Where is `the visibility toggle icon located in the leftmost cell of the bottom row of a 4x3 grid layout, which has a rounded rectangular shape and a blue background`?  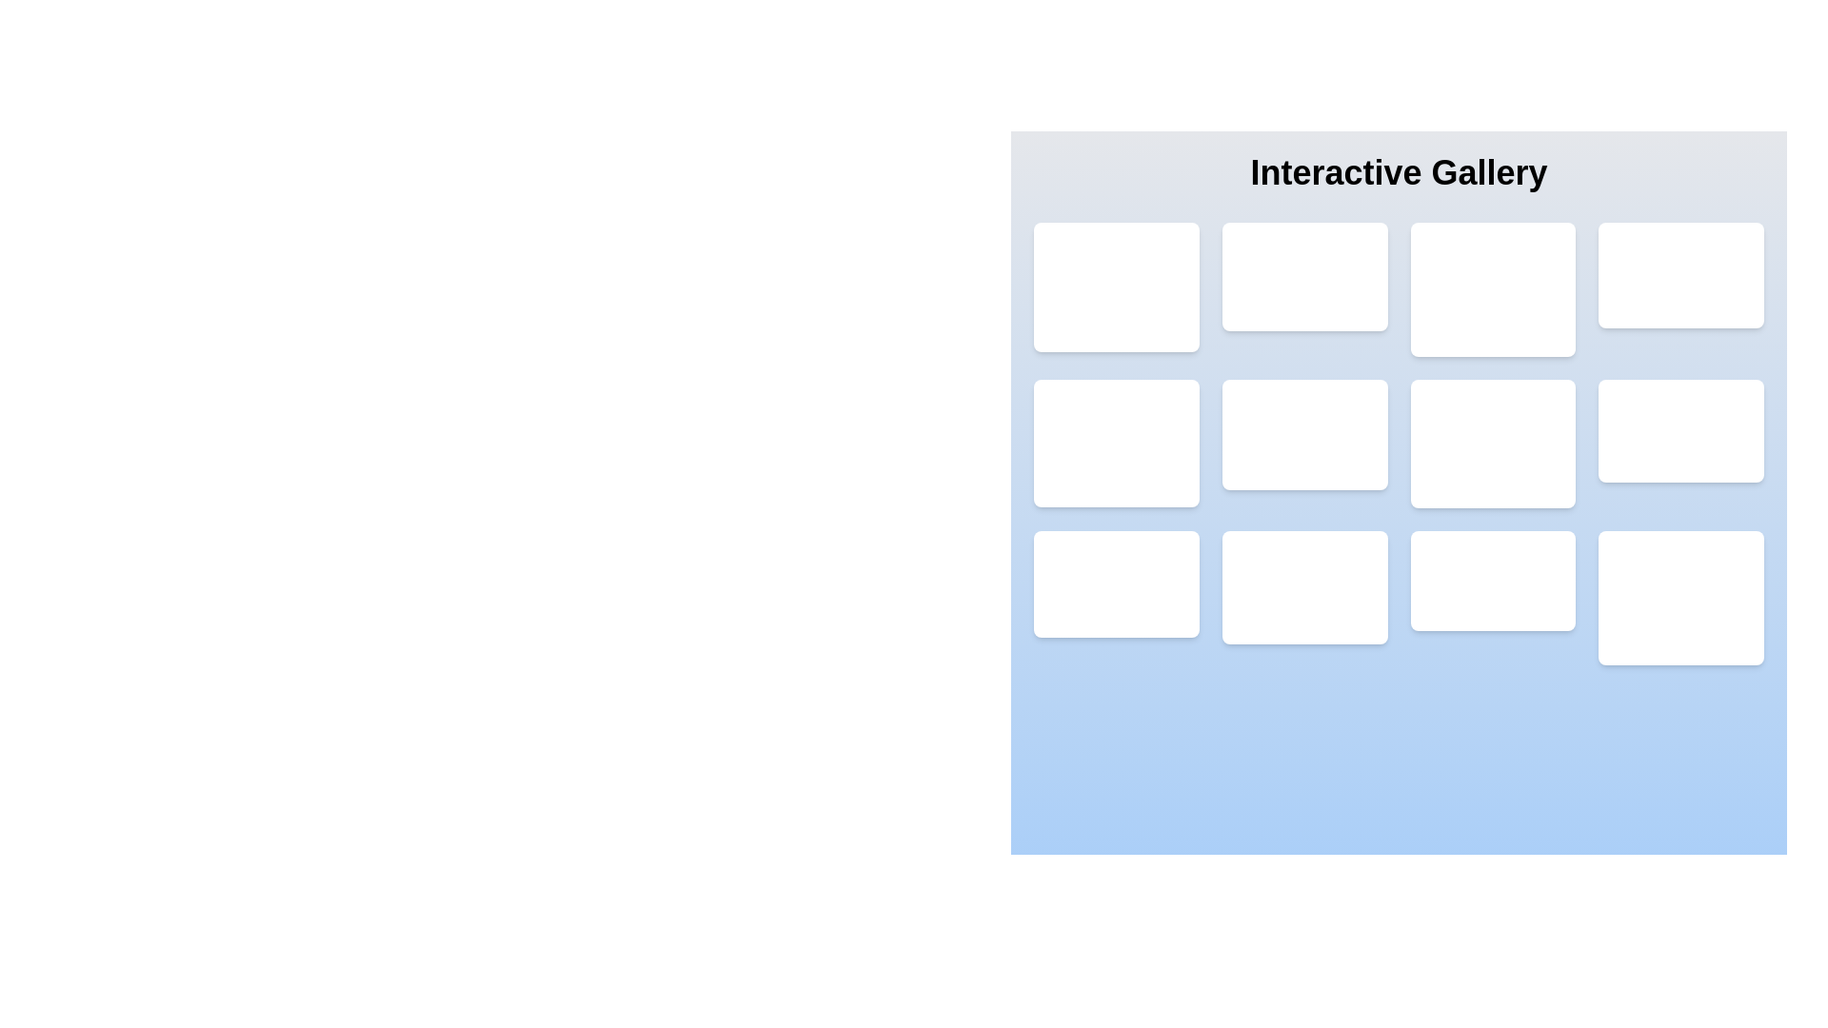 the visibility toggle icon located in the leftmost cell of the bottom row of a 4x3 grid layout, which has a rounded rectangular shape and a blue background is located at coordinates (1093, 627).